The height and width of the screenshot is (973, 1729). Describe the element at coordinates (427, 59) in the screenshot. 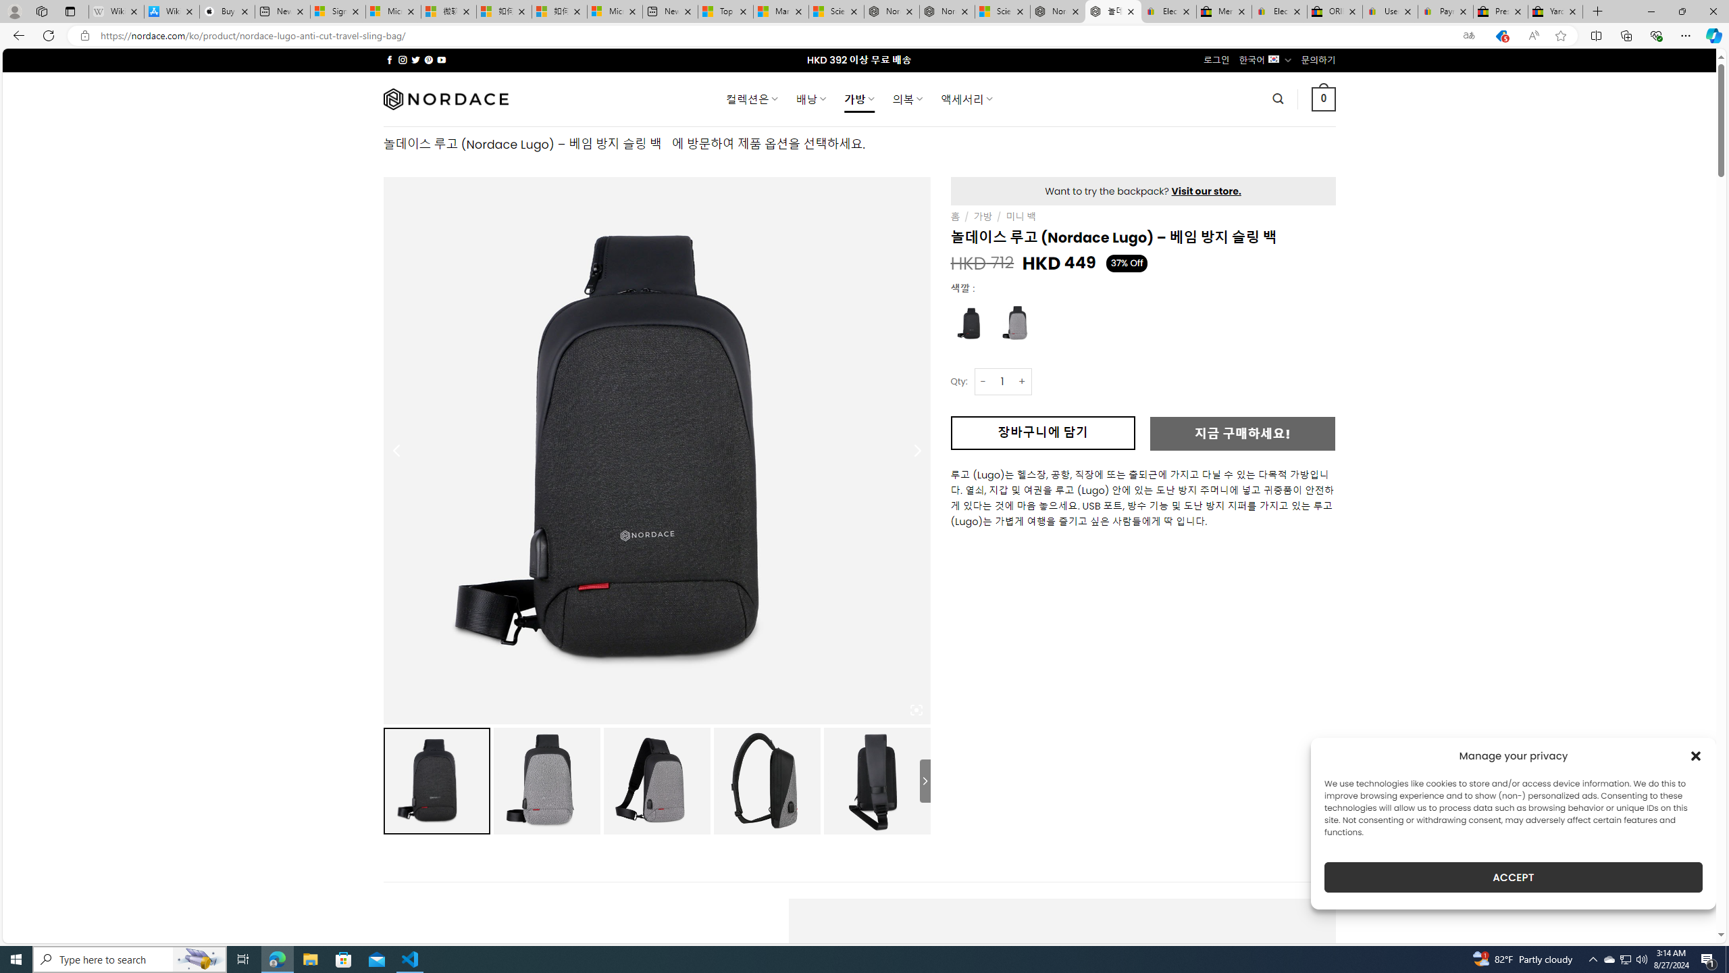

I see `'Follow on Pinterest'` at that location.